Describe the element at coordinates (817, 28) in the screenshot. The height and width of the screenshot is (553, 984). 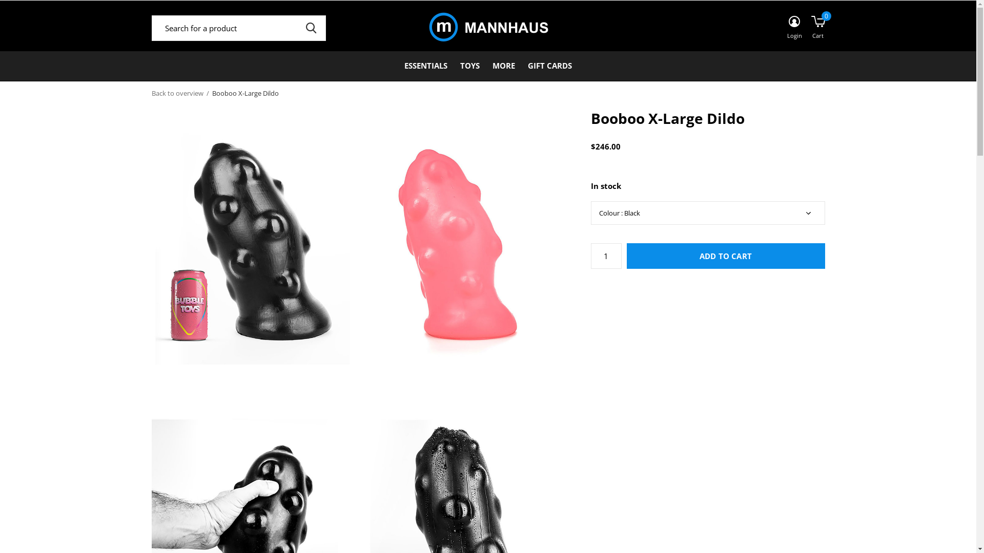
I see `'Cart` at that location.